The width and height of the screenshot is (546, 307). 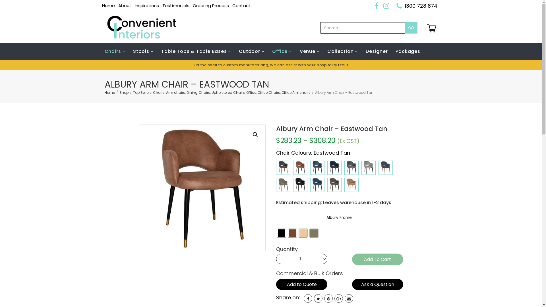 I want to click on 'Chairs', so click(x=117, y=51).